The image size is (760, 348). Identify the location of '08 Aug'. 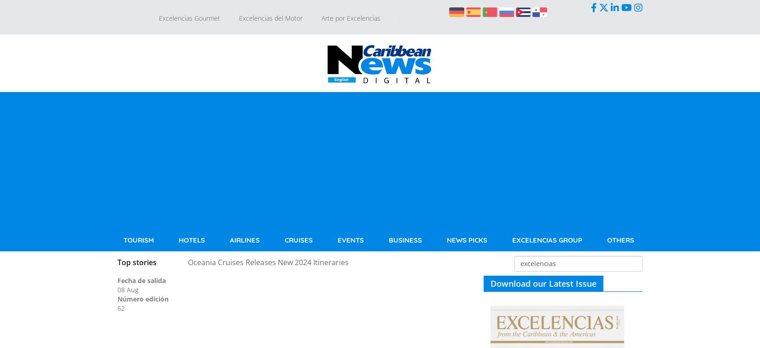
(128, 289).